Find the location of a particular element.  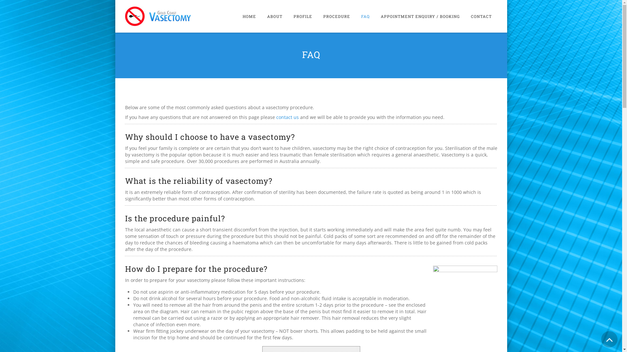

'HOME' is located at coordinates (249, 16).